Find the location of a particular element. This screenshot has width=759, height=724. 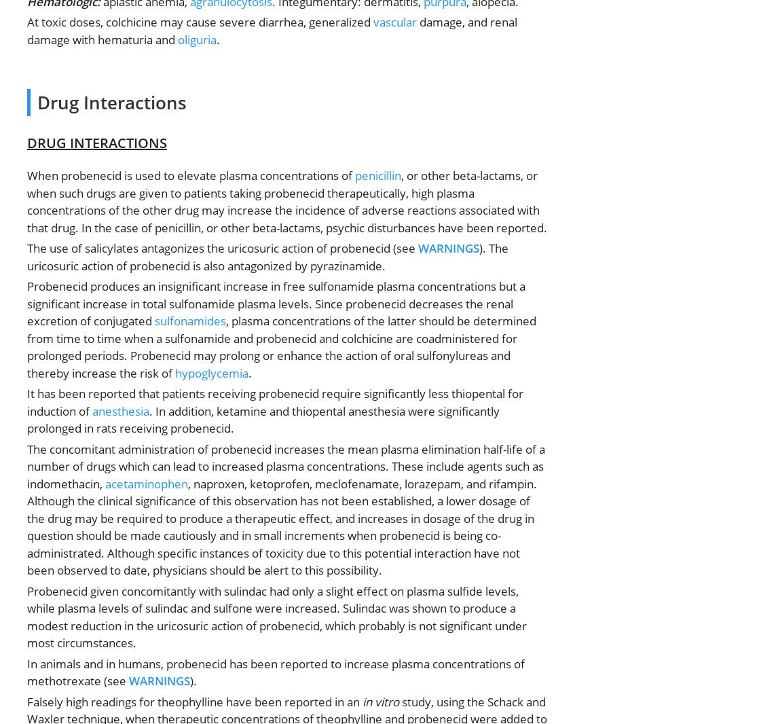

'At toxic doses, colchicine may cause severe diarrhea, generalized' is located at coordinates (200, 21).